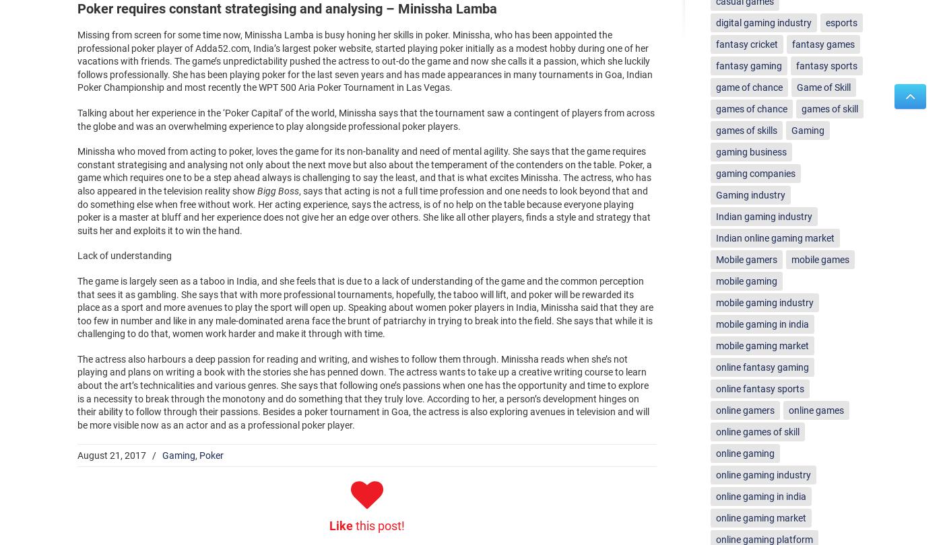 The width and height of the screenshot is (943, 545). Describe the element at coordinates (796, 66) in the screenshot. I see `'fantasy sports'` at that location.